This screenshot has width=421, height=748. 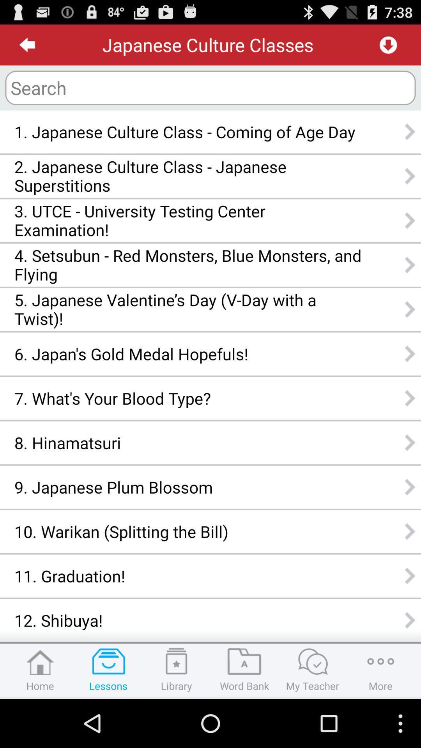 I want to click on sixth next button which is after japans gold medal hopefuls, so click(x=410, y=353).